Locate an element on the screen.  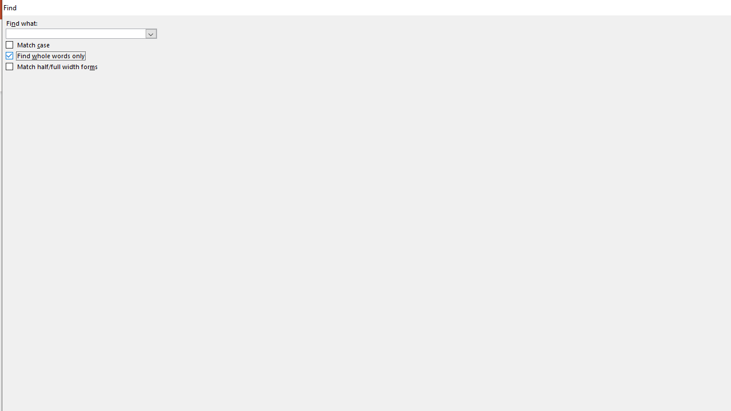
'Find whole words only' is located at coordinates (46, 55).